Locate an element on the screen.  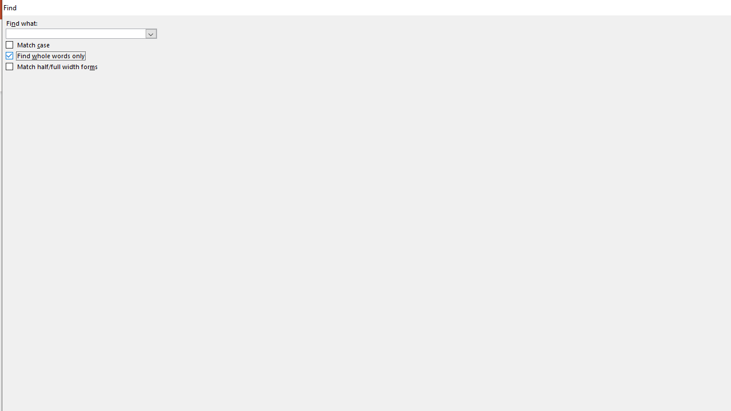
'Find whole words only' is located at coordinates (46, 55).